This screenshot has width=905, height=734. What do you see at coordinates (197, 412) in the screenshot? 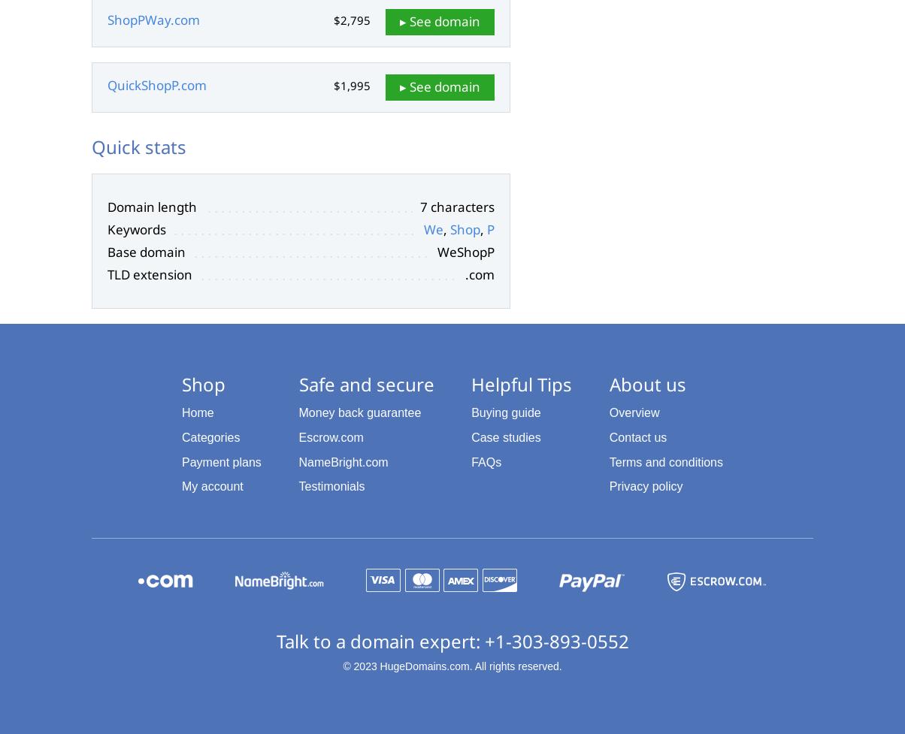
I see `'Home'` at bounding box center [197, 412].